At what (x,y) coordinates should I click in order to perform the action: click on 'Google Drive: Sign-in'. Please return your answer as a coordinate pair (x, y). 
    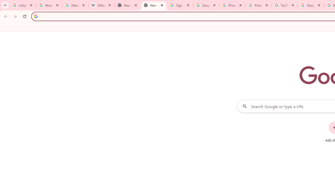
    Looking at the image, I should click on (206, 5).